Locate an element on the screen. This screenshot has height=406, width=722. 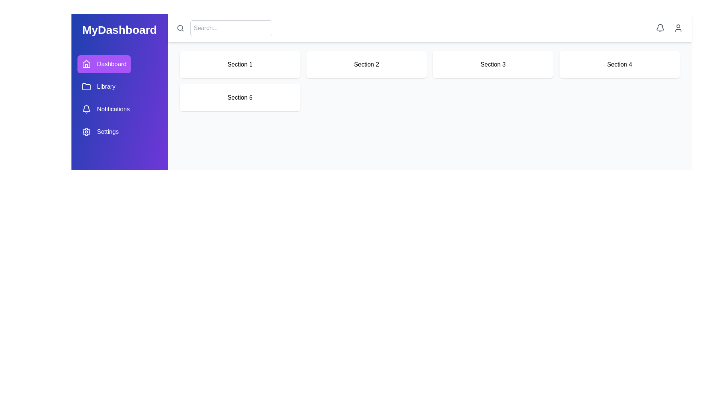
the small gray magnifying glass icon located to the left of the search input field in the header section is located at coordinates (180, 27).